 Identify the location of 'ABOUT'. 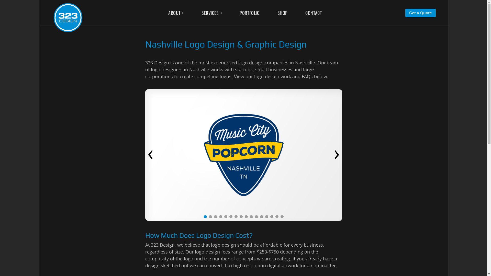
(176, 13).